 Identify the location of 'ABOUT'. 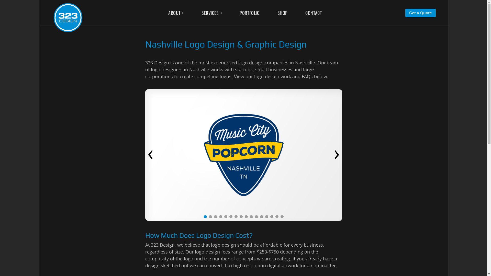
(176, 13).